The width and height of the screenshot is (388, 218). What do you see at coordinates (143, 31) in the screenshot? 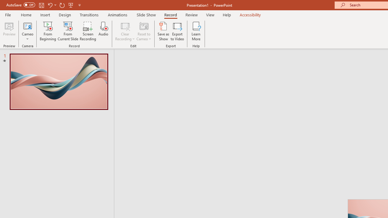
I see `'Reset to Cameo'` at bounding box center [143, 31].